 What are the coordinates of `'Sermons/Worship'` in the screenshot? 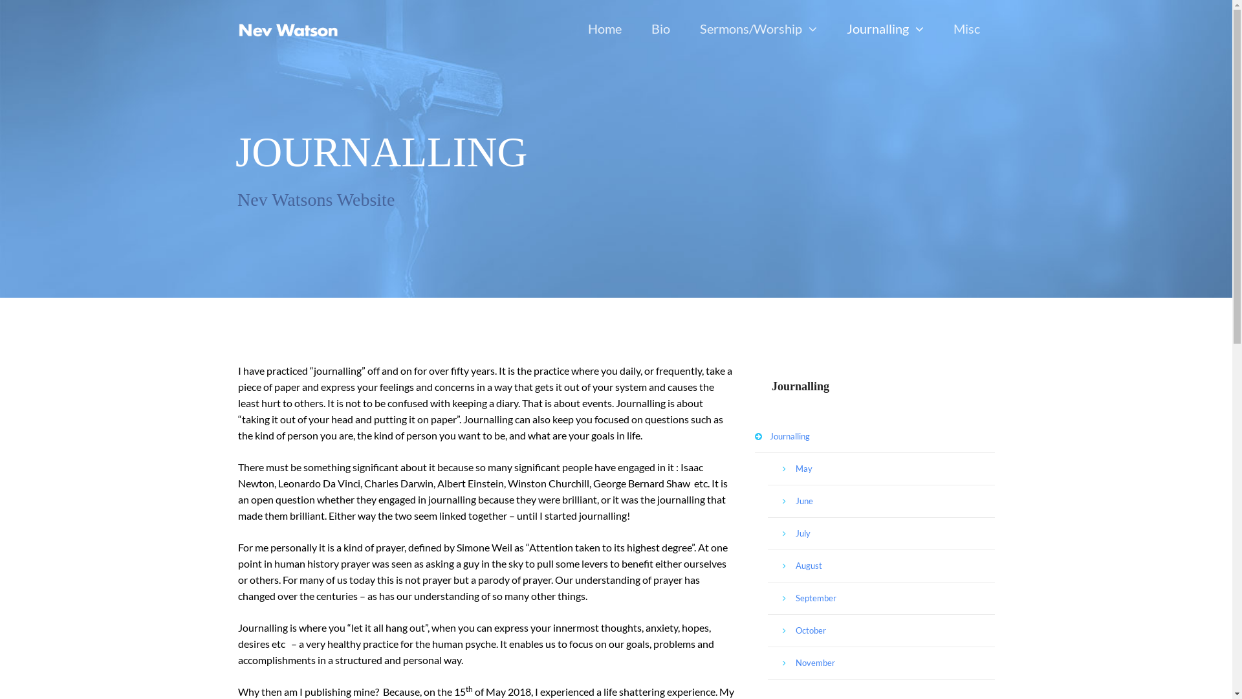 It's located at (683, 29).